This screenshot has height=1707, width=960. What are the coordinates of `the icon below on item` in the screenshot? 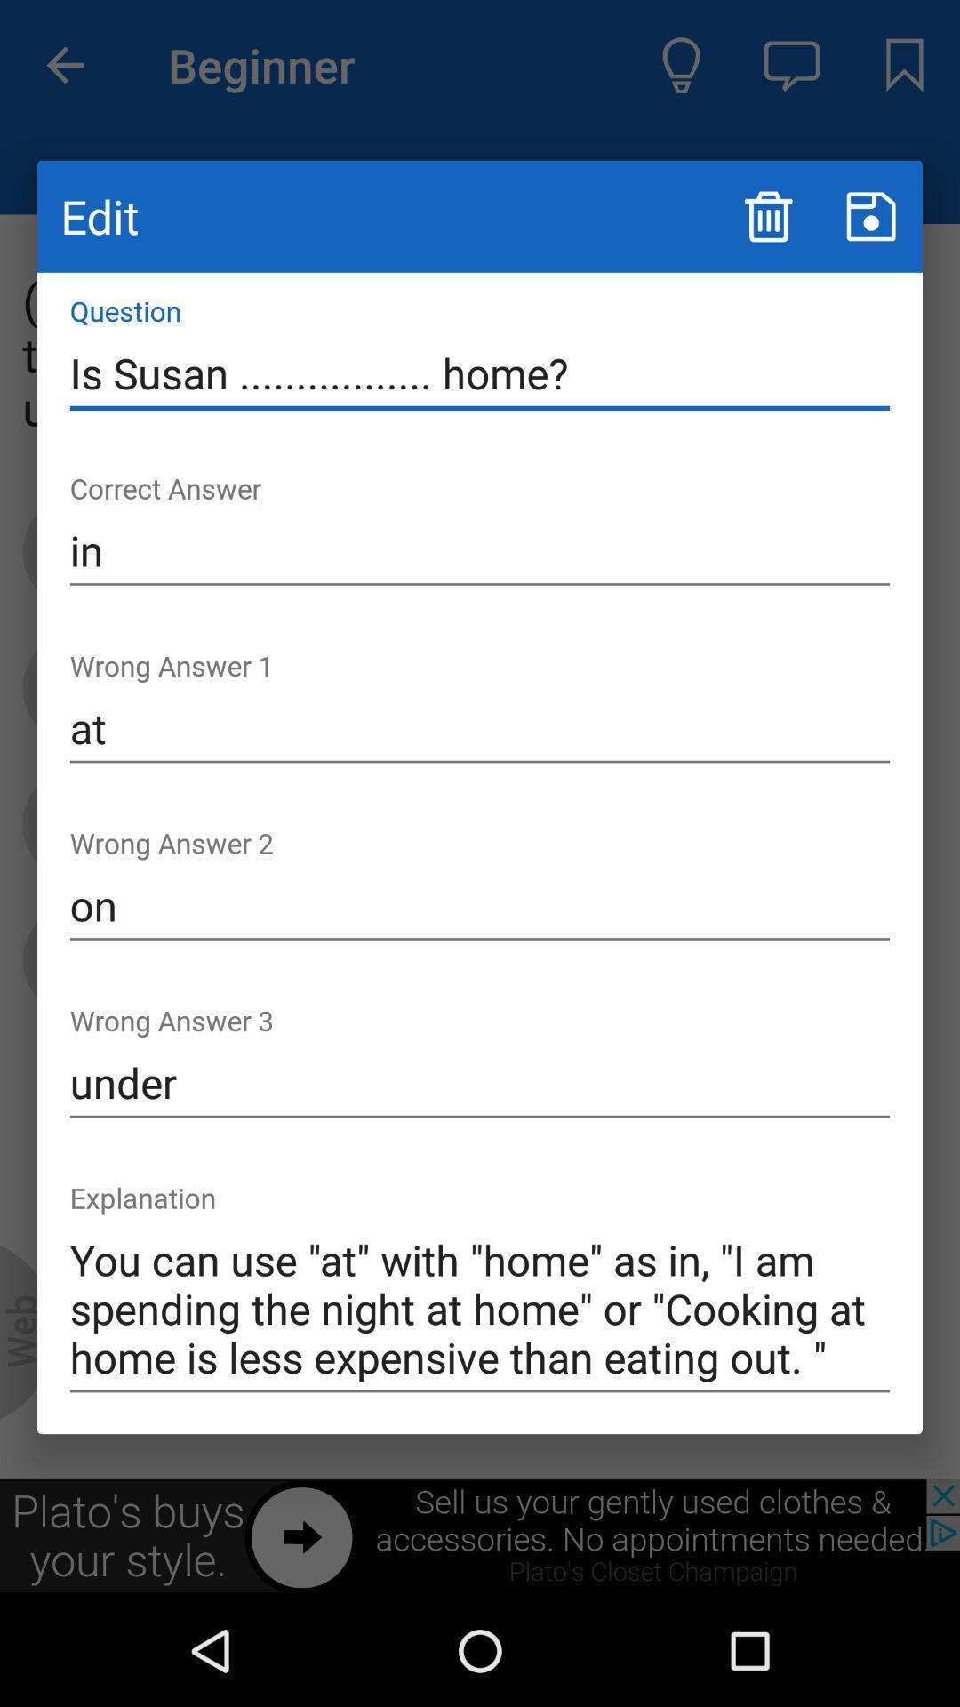 It's located at (480, 1082).